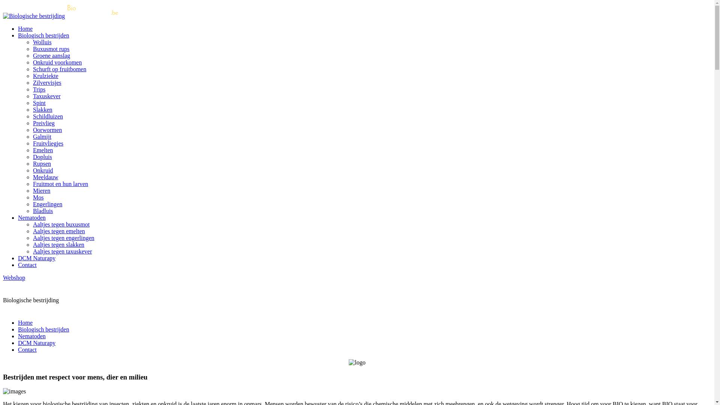 This screenshot has width=720, height=405. I want to click on 'Groene aanslag', so click(51, 55).